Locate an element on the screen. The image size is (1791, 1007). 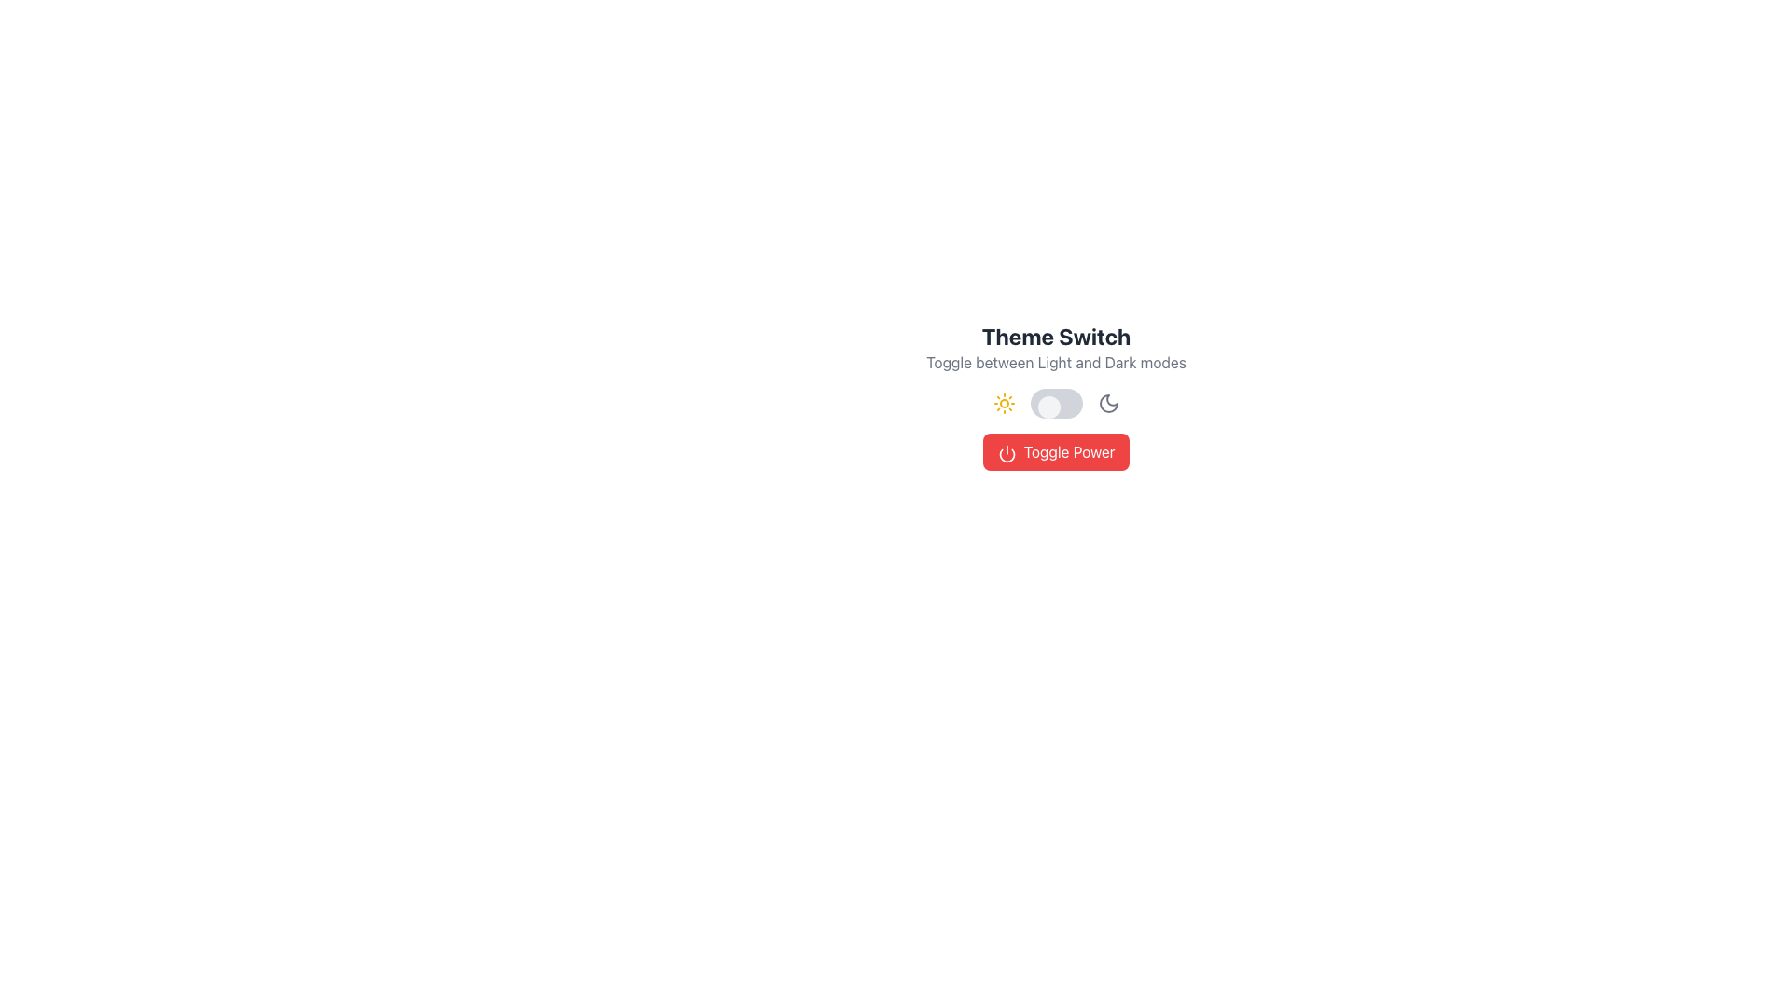
header text that indicates the section for toggling between light and dark visual modes, located above the subtitle 'Toggle between Light and Dark modes' is located at coordinates (1056, 337).